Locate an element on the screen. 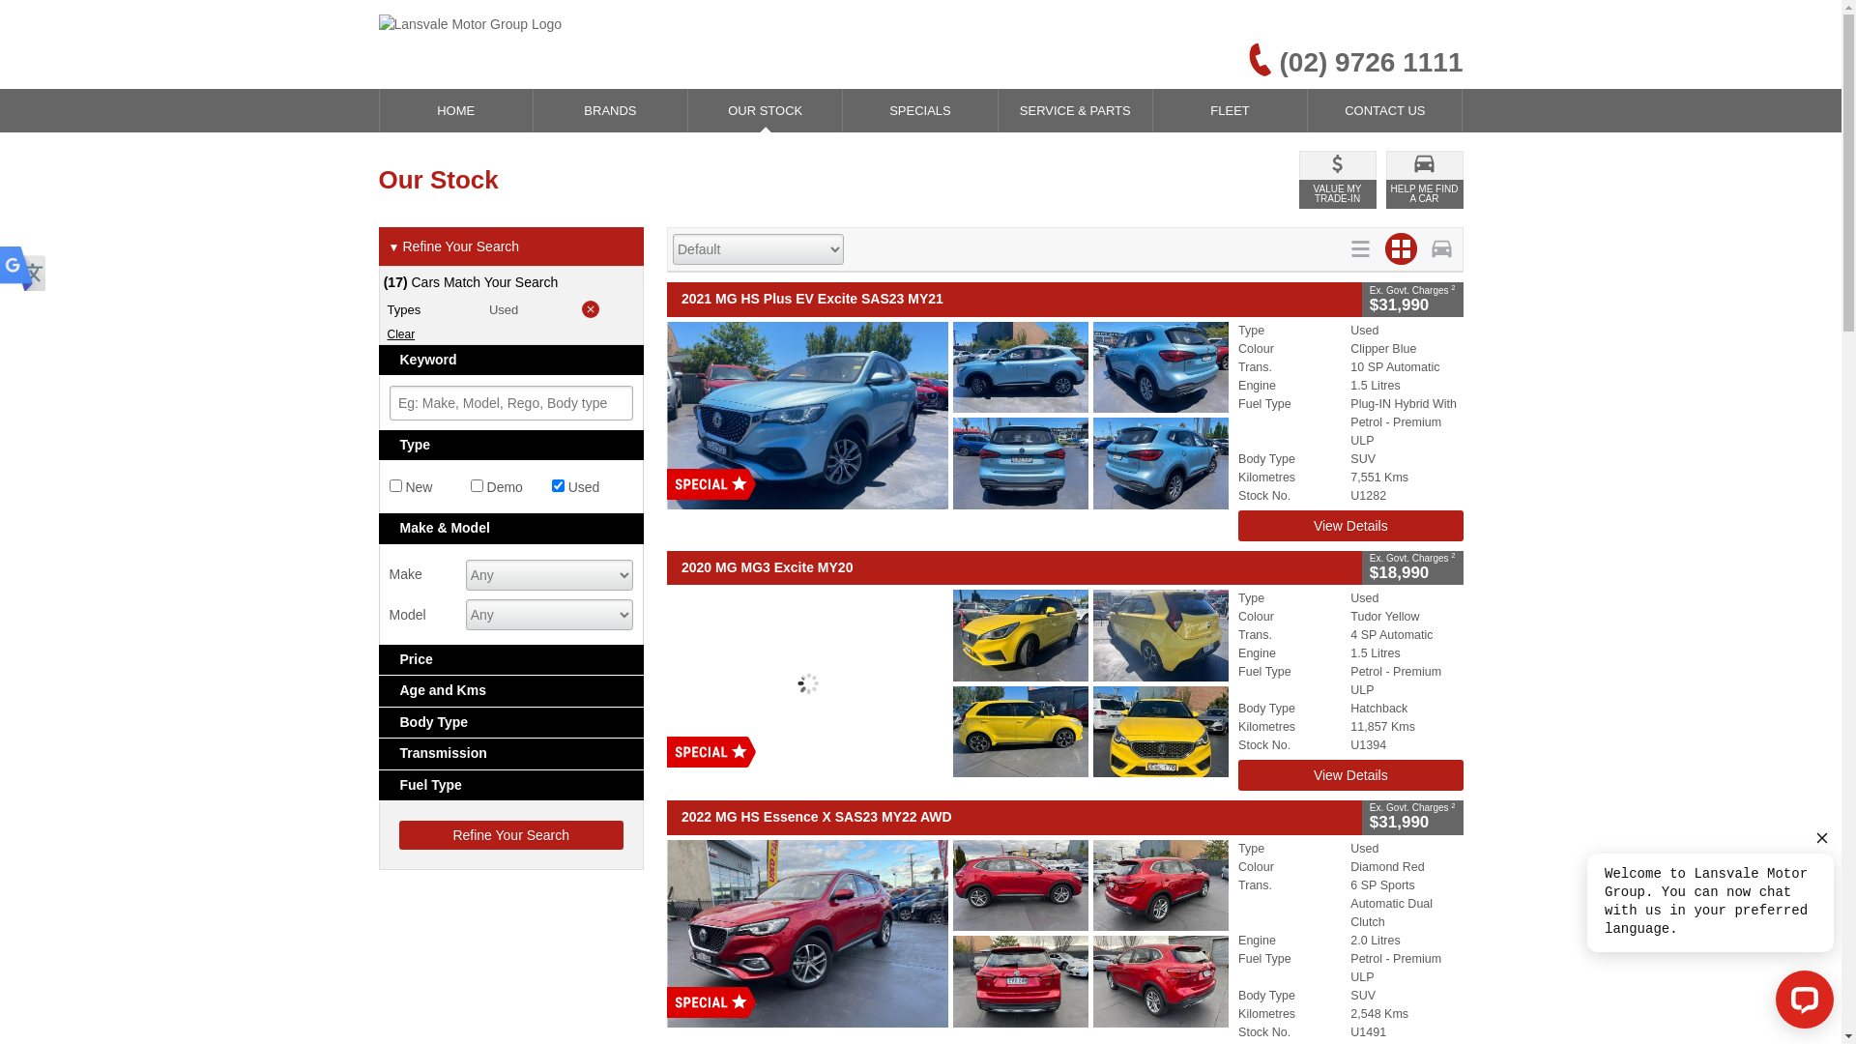 Image resolution: width=1856 pixels, height=1044 pixels. 'VALUE MY TRADE-IN' is located at coordinates (1299, 179).